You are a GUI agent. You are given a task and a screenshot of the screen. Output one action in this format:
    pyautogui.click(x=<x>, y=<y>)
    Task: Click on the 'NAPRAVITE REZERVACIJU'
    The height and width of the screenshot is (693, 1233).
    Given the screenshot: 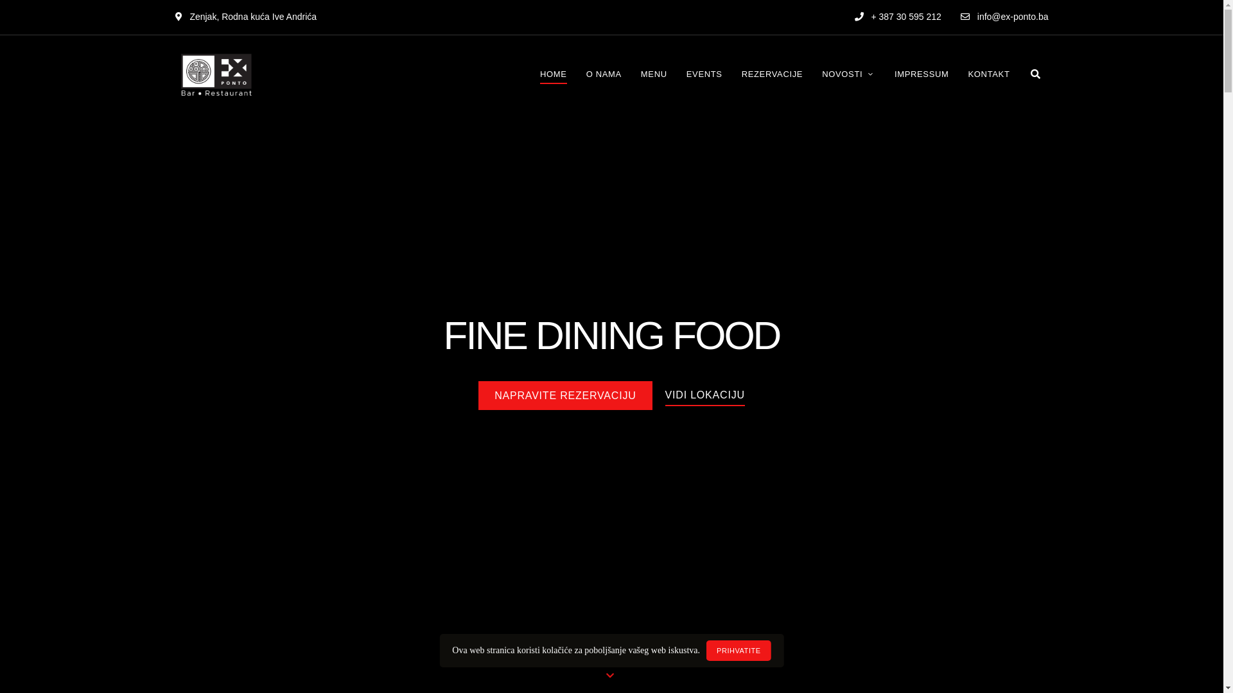 What is the action you would take?
    pyautogui.click(x=564, y=395)
    